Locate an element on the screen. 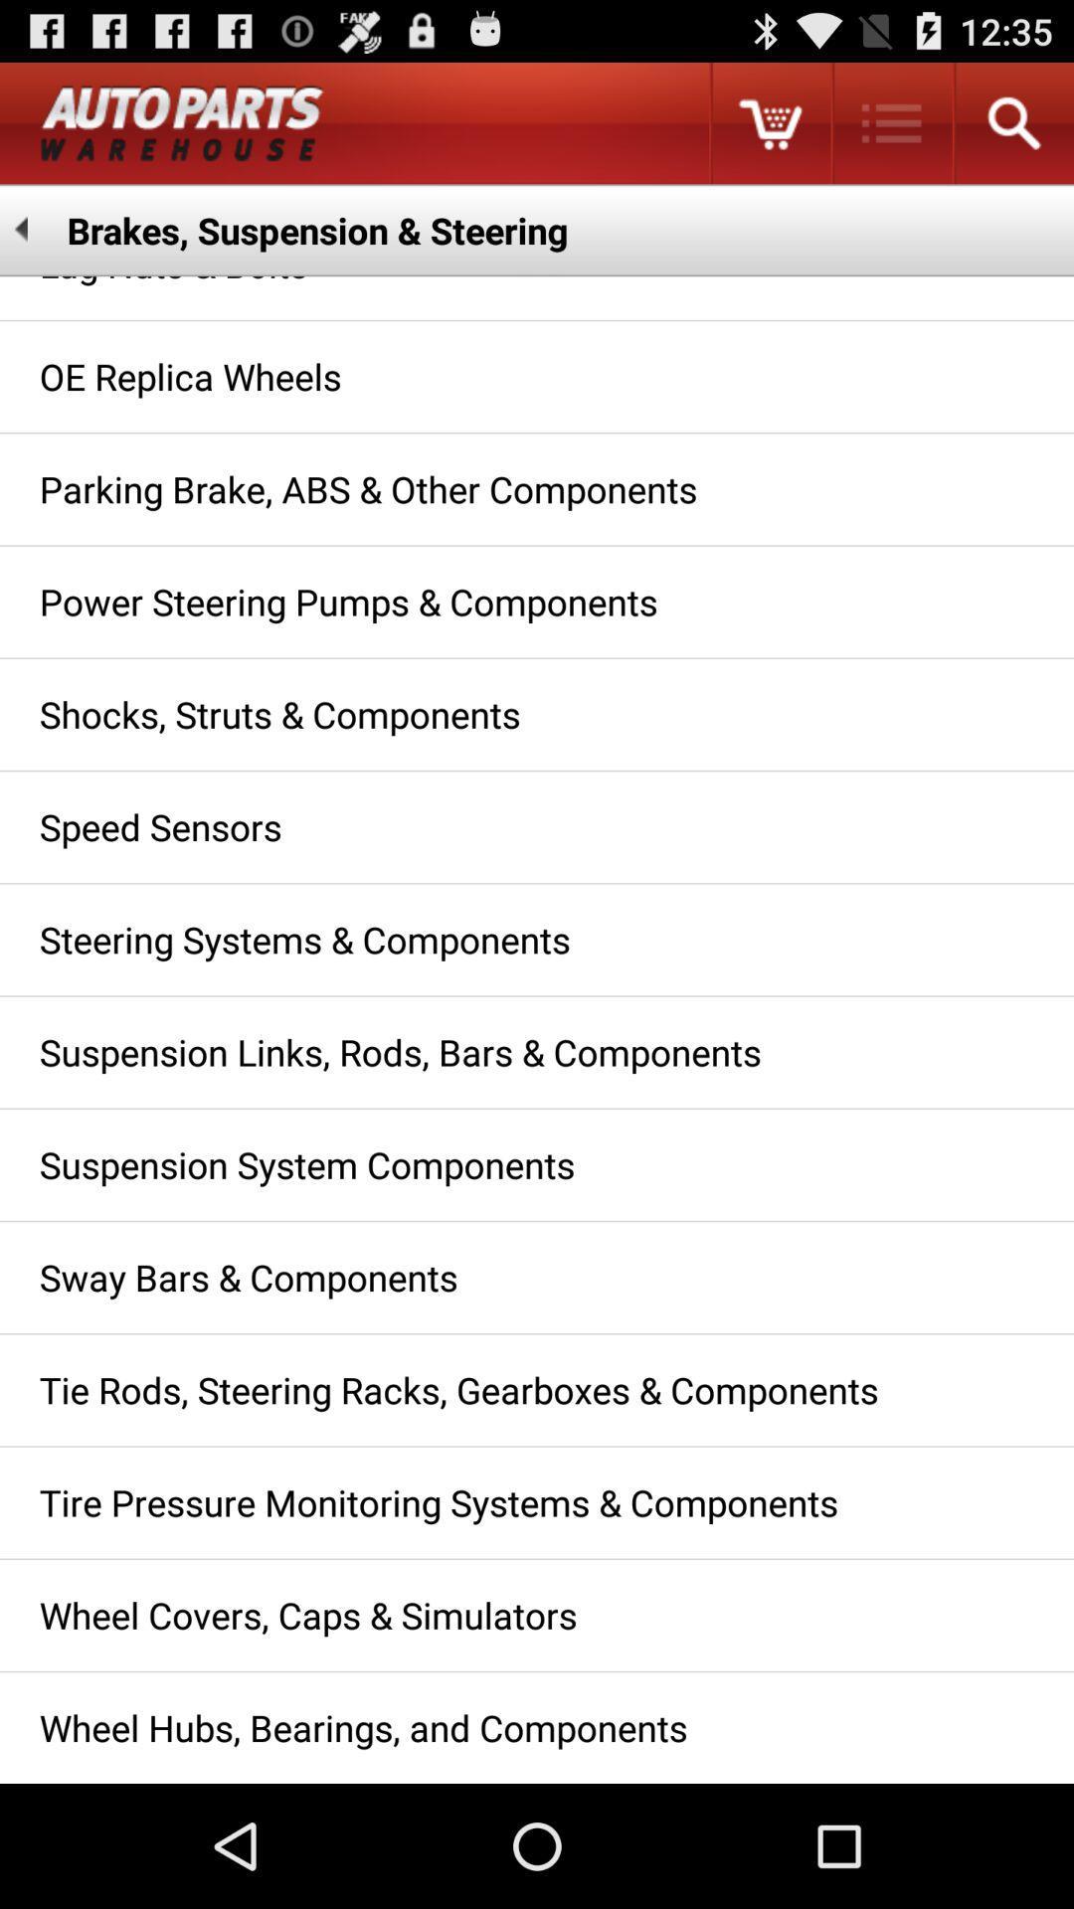  the list icon is located at coordinates (890, 130).